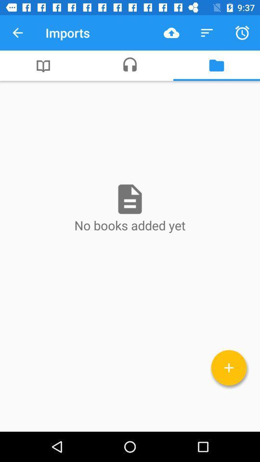  What do you see at coordinates (171, 33) in the screenshot?
I see `icon next to the imports icon` at bounding box center [171, 33].